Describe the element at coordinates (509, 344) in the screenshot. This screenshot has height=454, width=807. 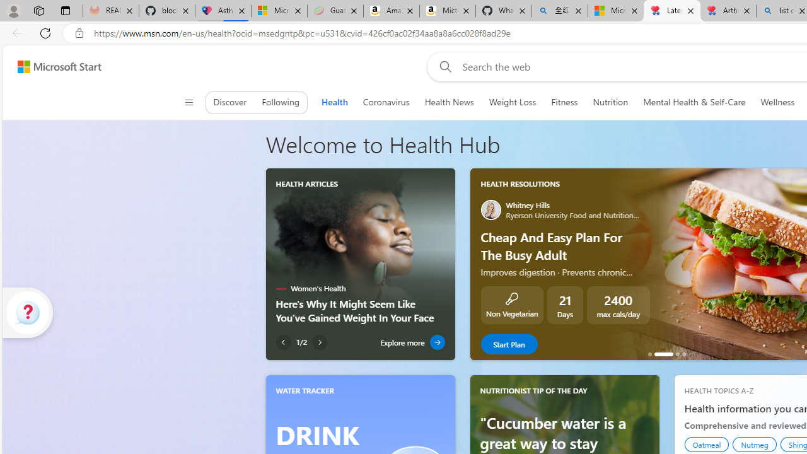
I see `'Start Plan'` at that location.